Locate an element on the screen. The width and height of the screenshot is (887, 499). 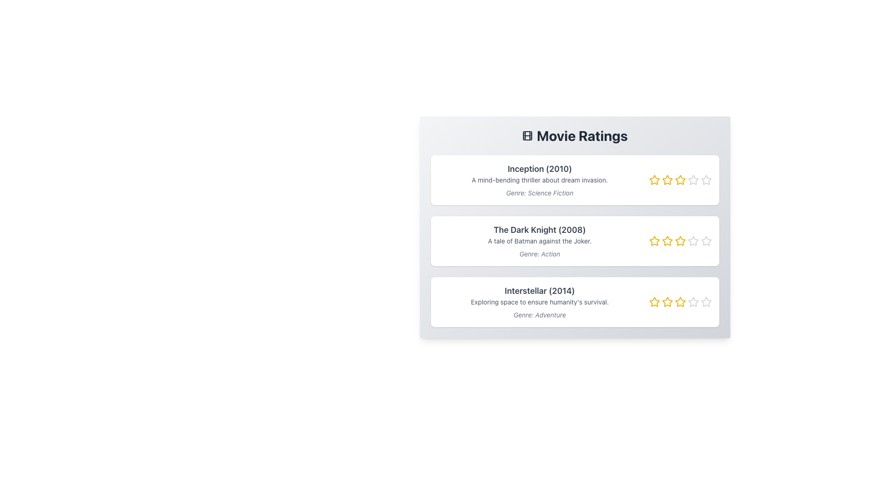
the third rating star in the sequence of five stars is located at coordinates (680, 180).